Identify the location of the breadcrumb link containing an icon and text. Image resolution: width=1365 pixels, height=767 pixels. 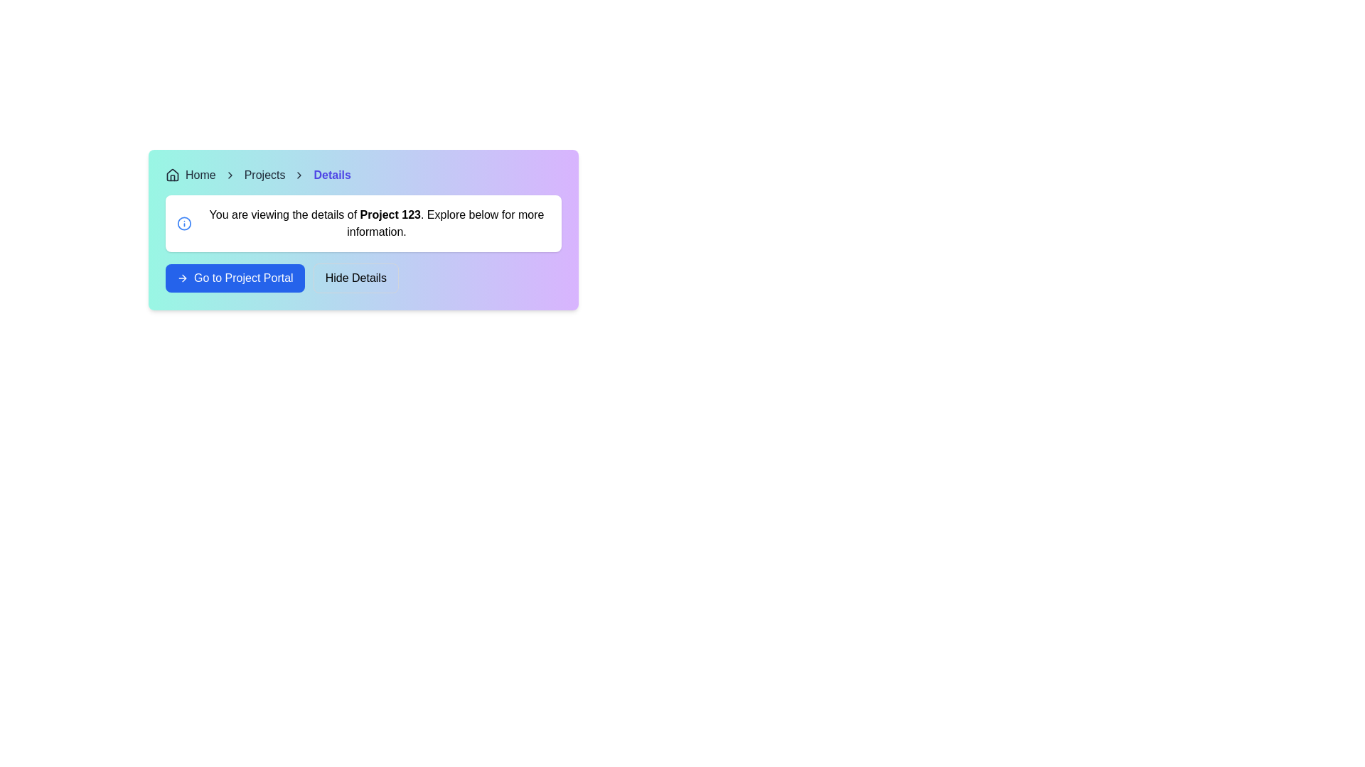
(190, 174).